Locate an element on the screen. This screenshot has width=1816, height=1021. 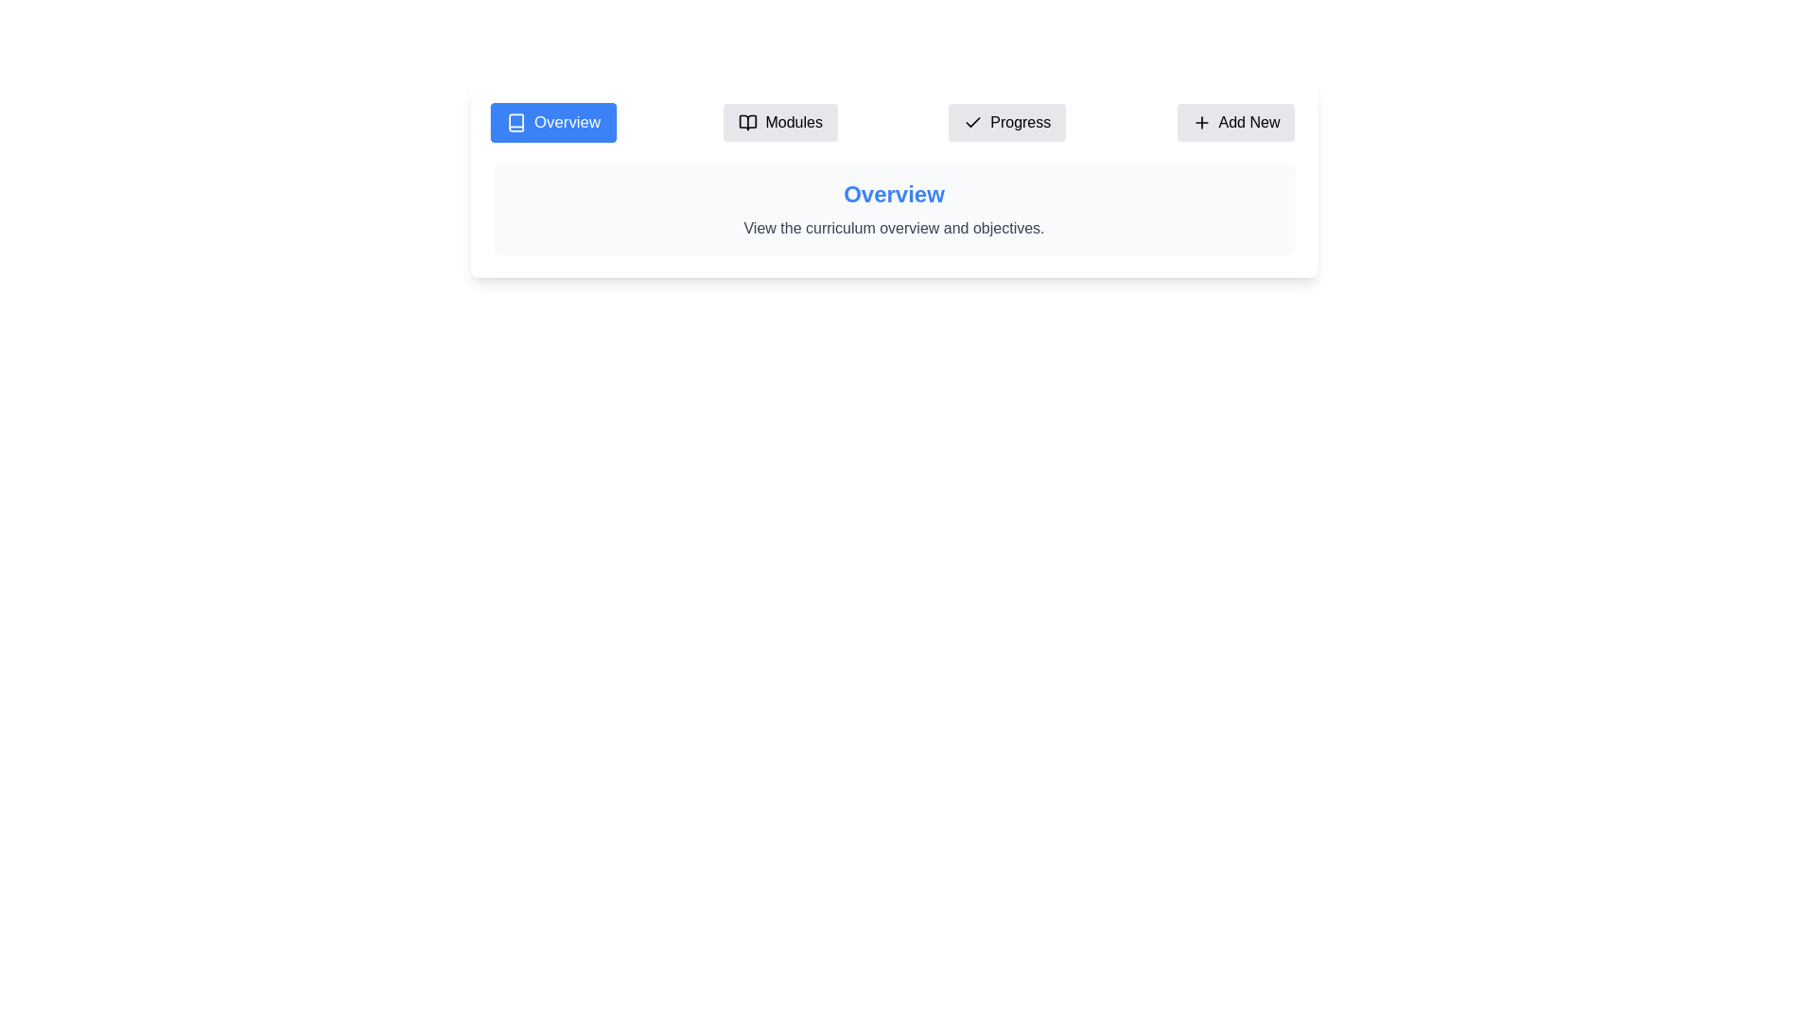
the tab labeled Modules to switch to that tab is located at coordinates (780, 123).